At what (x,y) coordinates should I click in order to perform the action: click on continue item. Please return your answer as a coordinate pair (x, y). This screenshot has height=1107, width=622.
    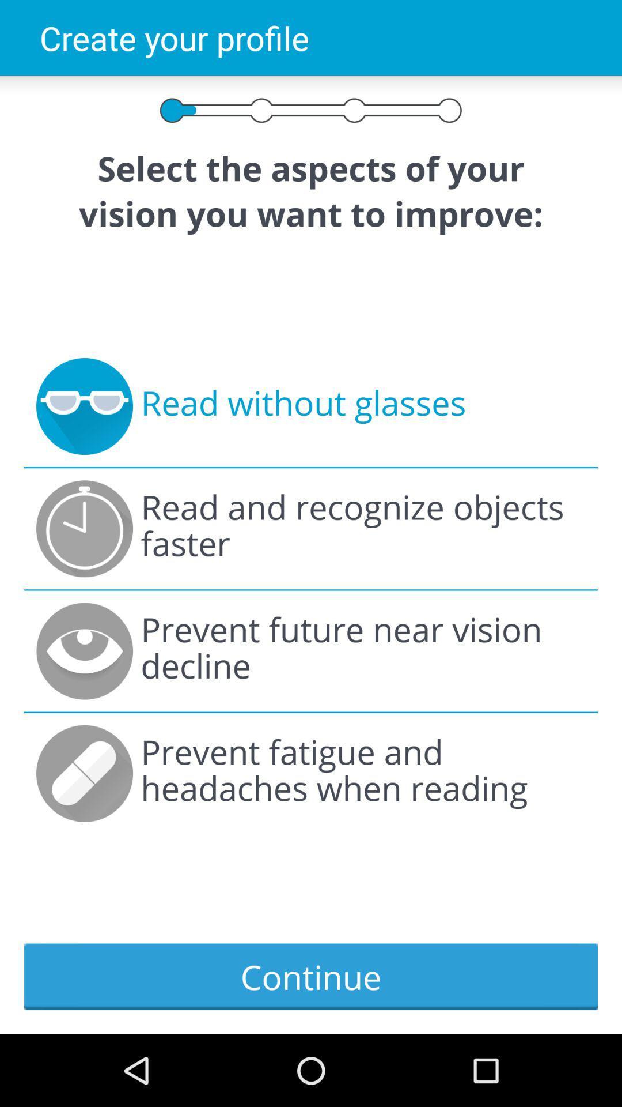
    Looking at the image, I should click on (311, 976).